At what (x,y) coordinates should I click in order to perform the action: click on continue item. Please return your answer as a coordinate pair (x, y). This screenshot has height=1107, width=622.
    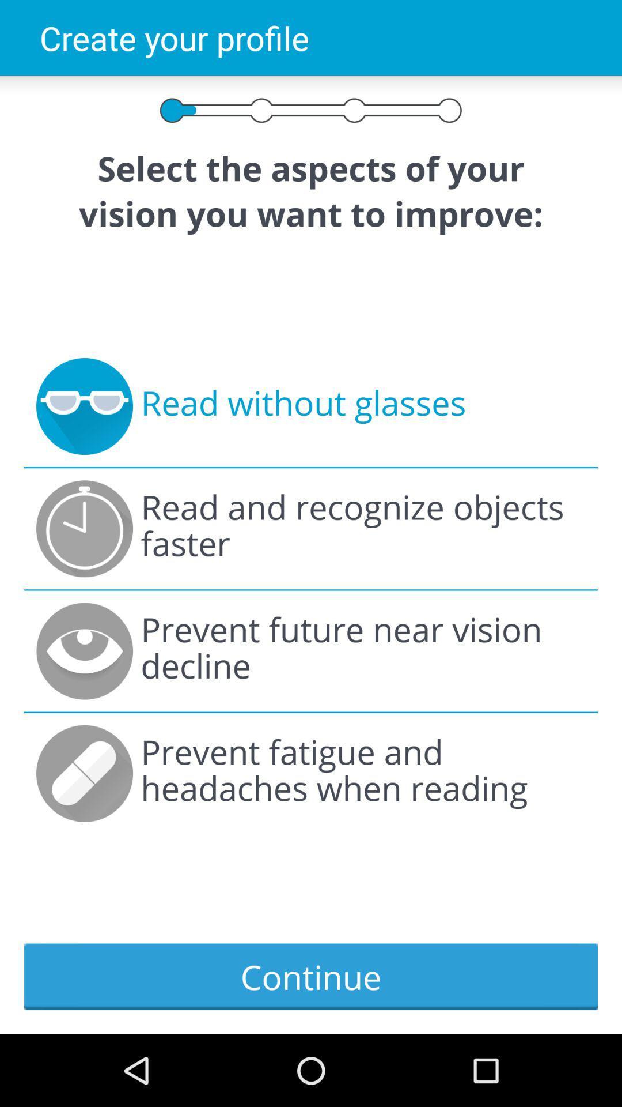
    Looking at the image, I should click on (311, 976).